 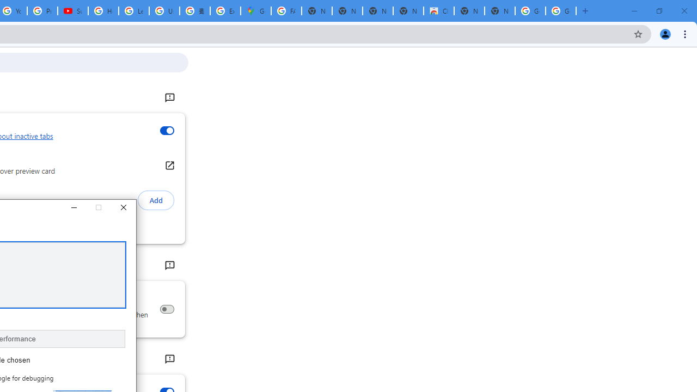 I want to click on 'Google Images', so click(x=530, y=11).